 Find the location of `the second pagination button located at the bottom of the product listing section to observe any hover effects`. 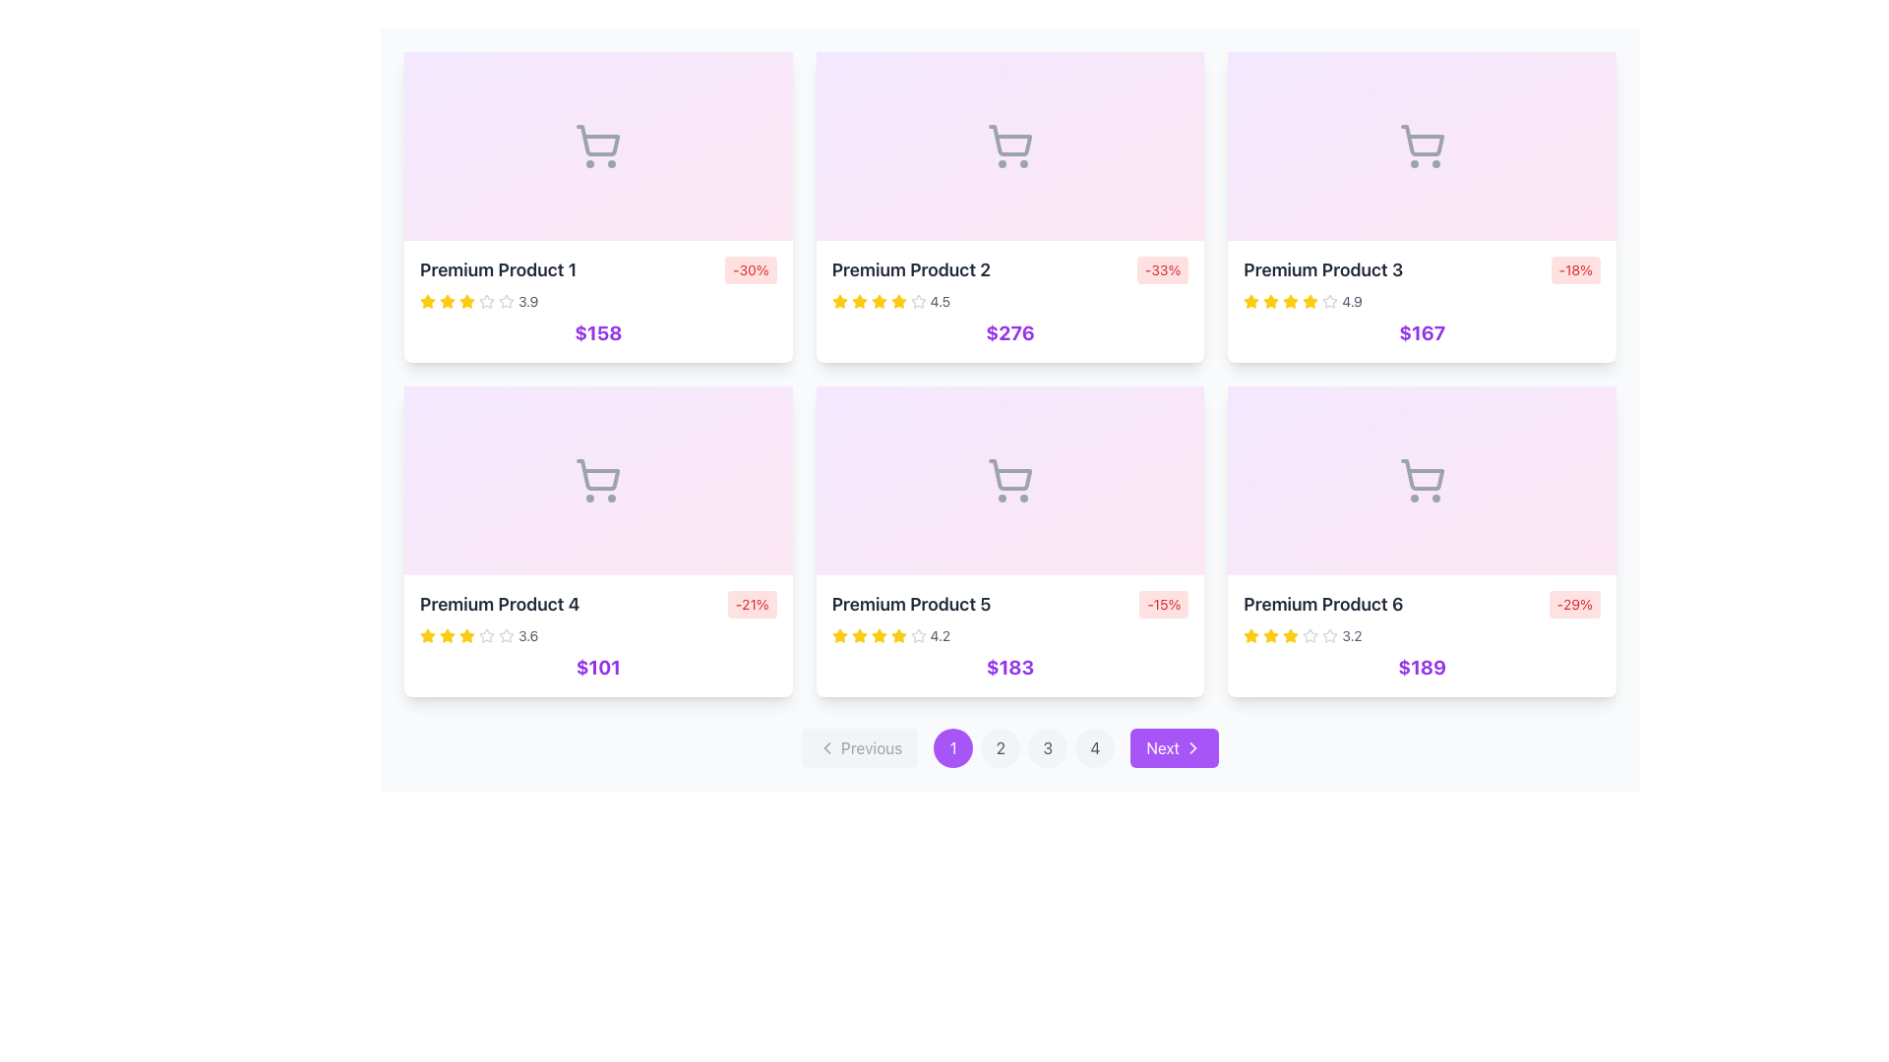

the second pagination button located at the bottom of the product listing section to observe any hover effects is located at coordinates (1010, 747).